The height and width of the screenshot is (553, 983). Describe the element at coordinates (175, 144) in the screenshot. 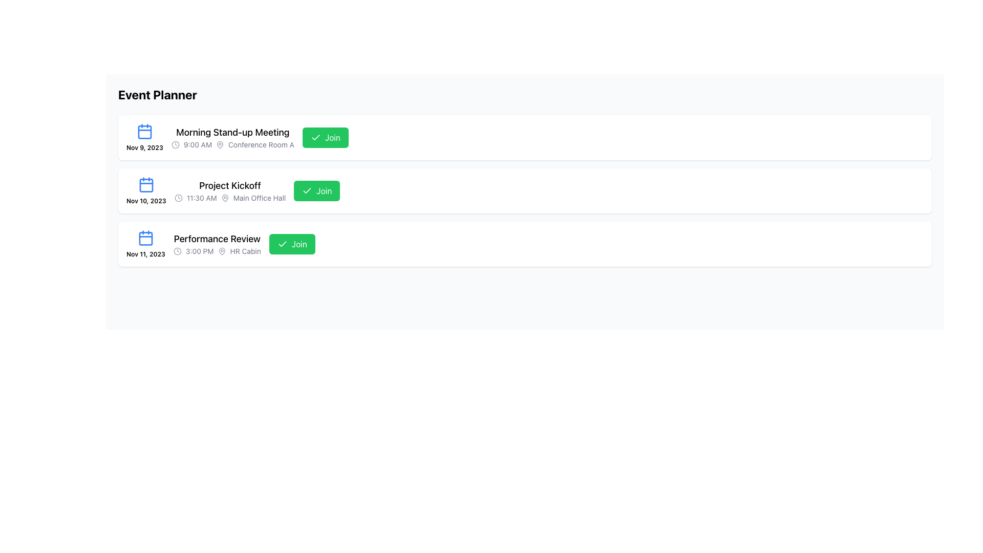

I see `the time indicator icon located to the left of the text '9:00 AM' associated with the event '9:00 AM Conference Room A'` at that location.